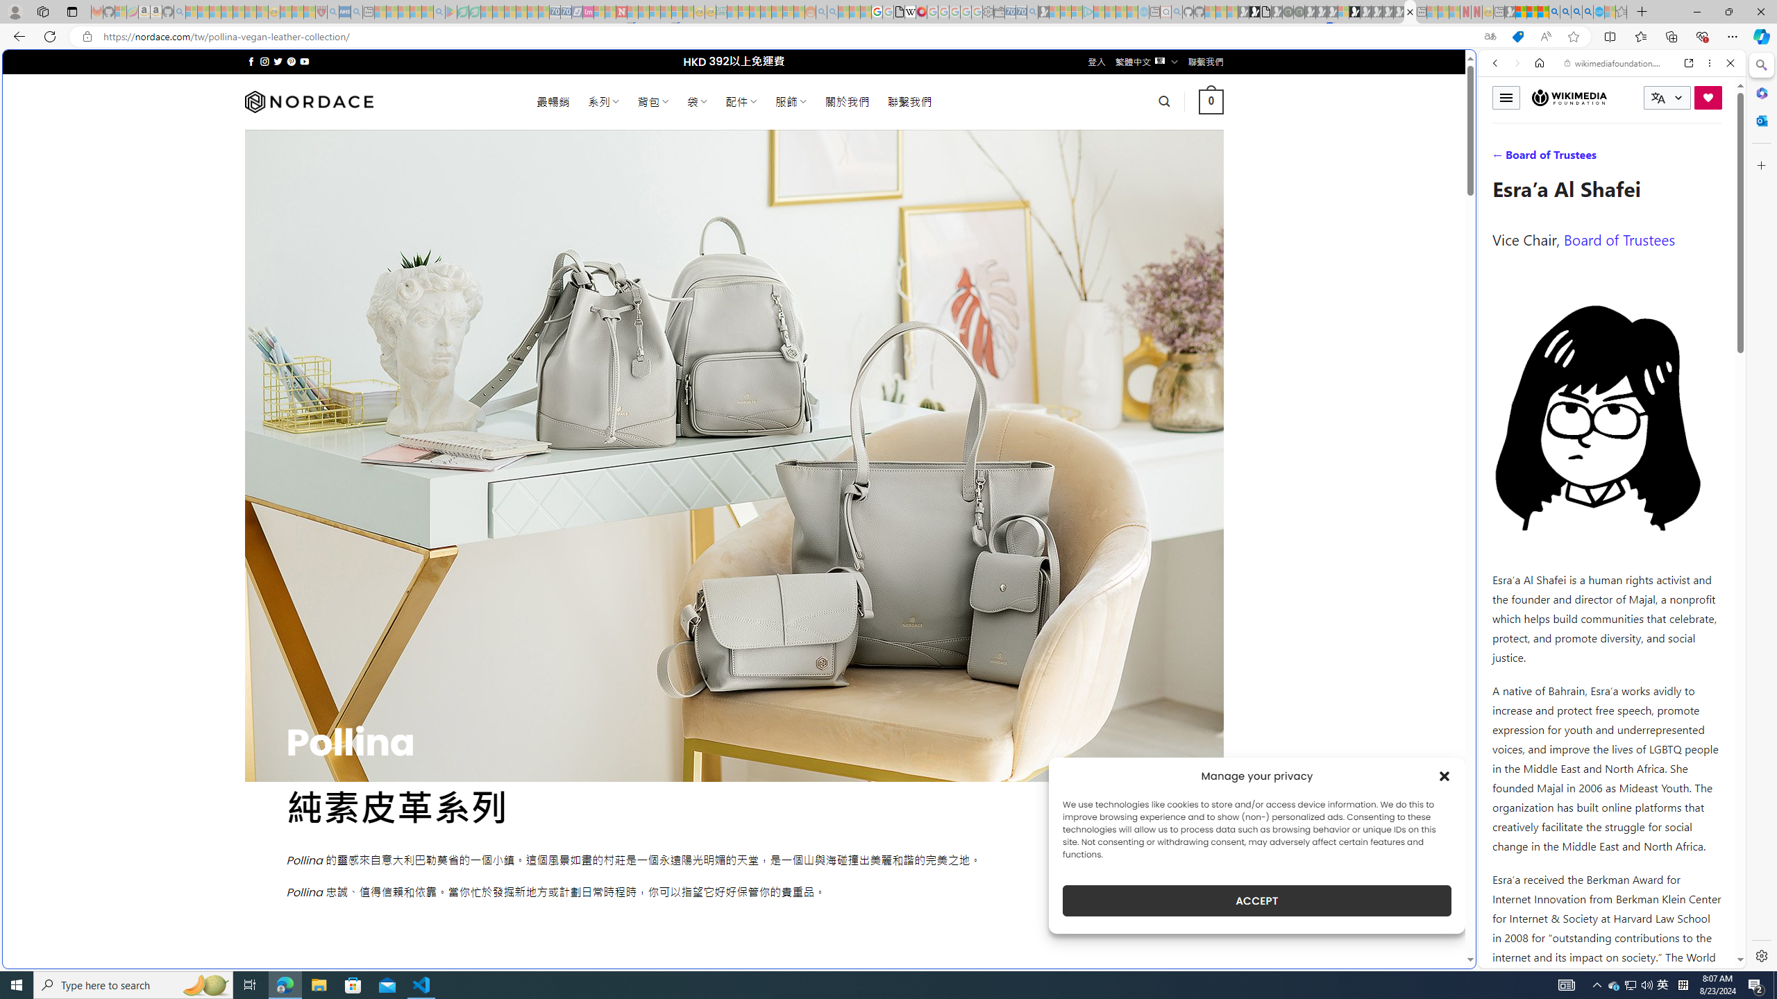  I want to click on 'MediaWiki', so click(920, 11).